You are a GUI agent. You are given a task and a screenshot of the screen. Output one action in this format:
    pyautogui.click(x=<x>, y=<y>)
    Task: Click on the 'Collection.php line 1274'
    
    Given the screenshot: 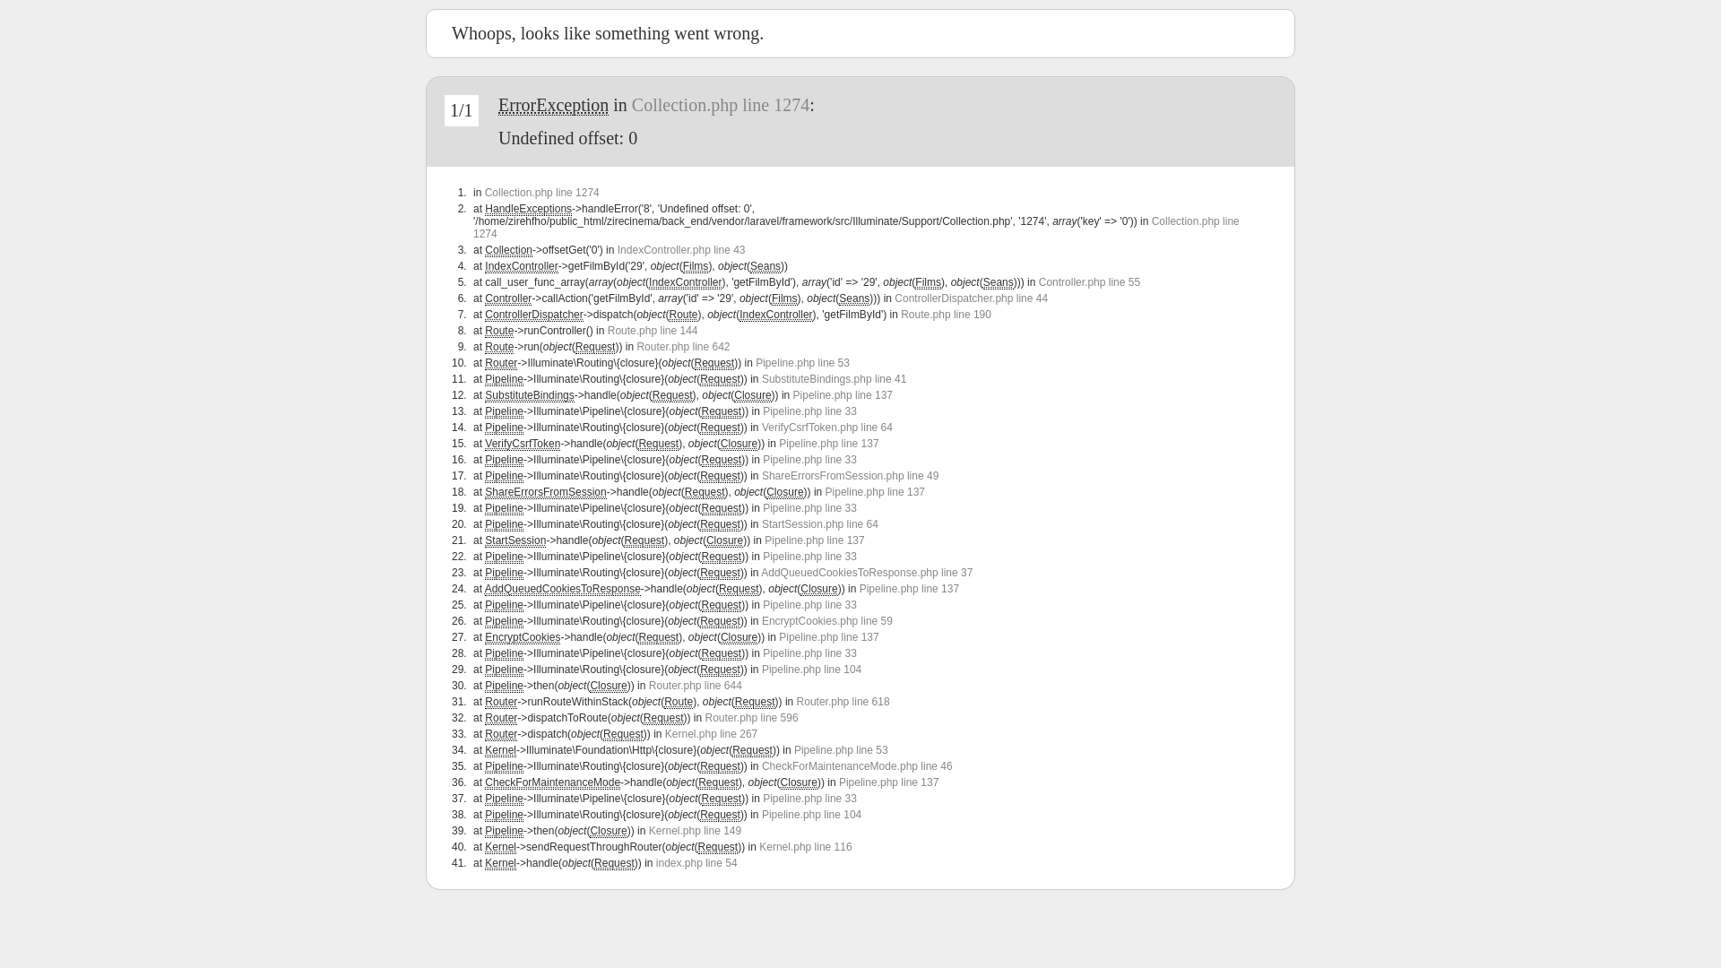 What is the action you would take?
    pyautogui.click(x=485, y=193)
    